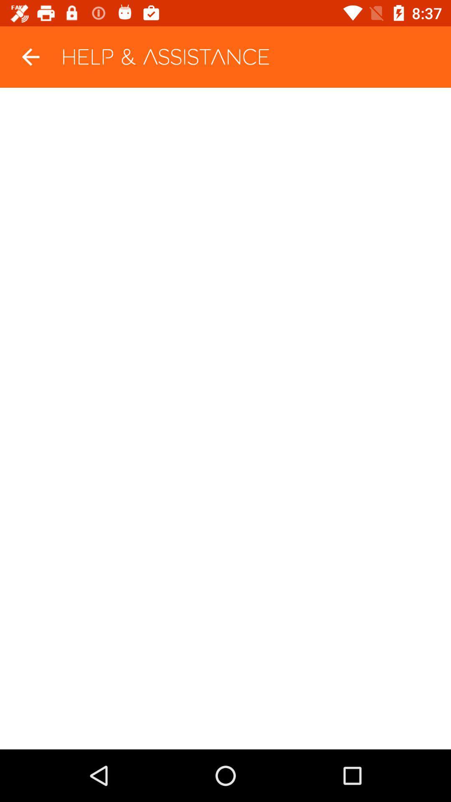 This screenshot has width=451, height=802. Describe the element at coordinates (30, 56) in the screenshot. I see `the icon next to help & assistance app` at that location.